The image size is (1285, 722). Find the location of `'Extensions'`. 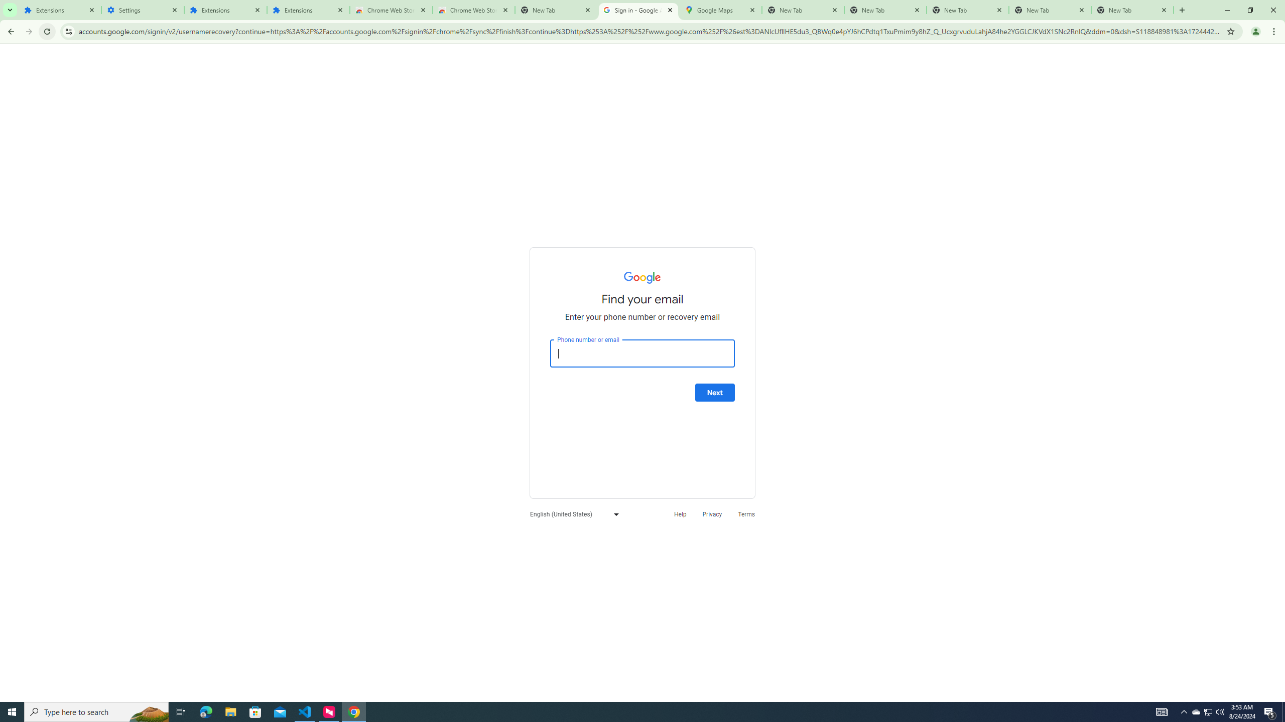

'Extensions' is located at coordinates (225, 10).